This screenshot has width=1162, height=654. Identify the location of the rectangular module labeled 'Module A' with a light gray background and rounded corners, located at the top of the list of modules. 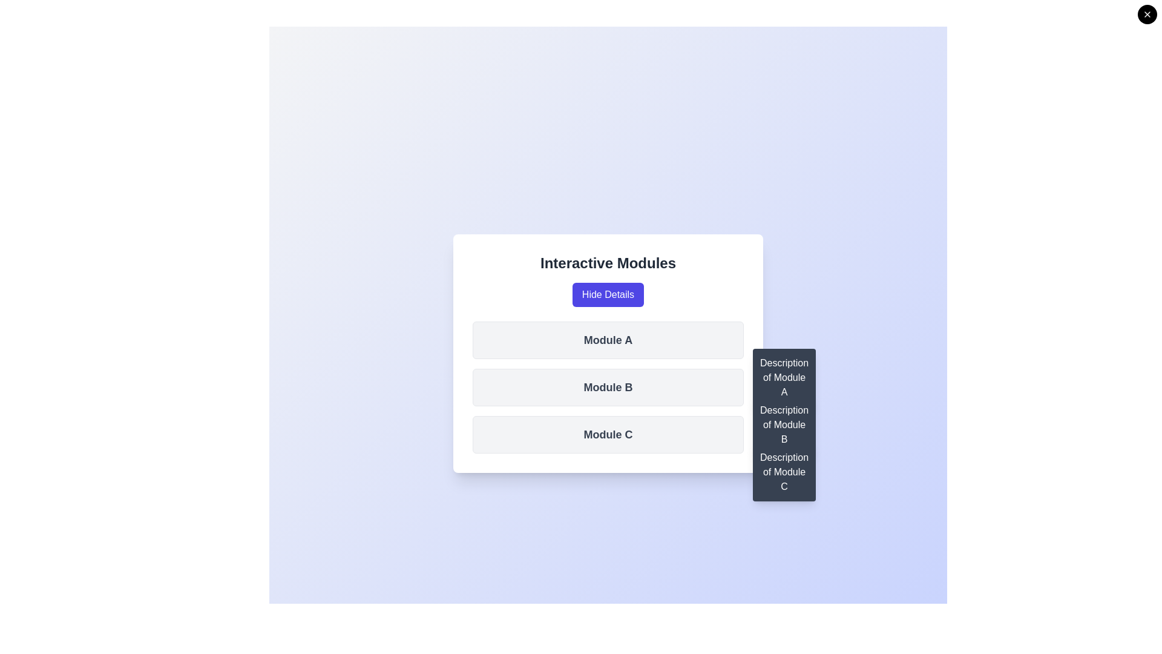
(608, 340).